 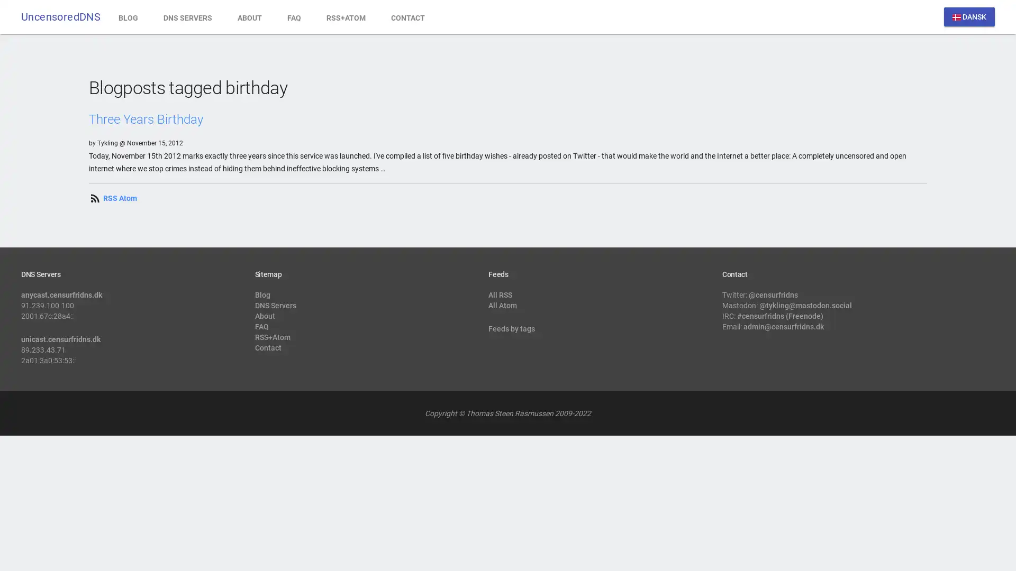 I want to click on dansk DANSK, so click(x=969, y=16).